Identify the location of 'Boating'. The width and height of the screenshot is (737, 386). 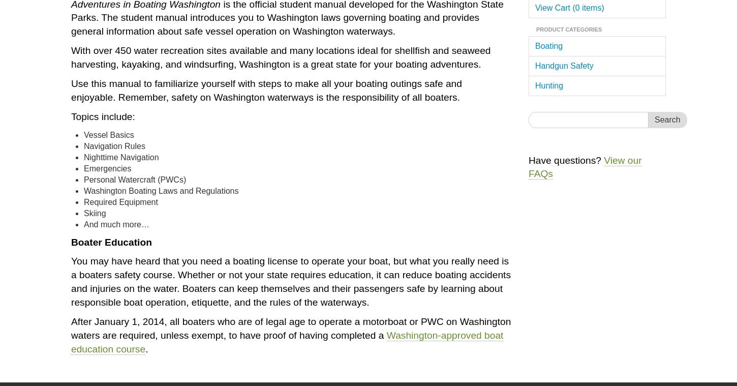
(548, 45).